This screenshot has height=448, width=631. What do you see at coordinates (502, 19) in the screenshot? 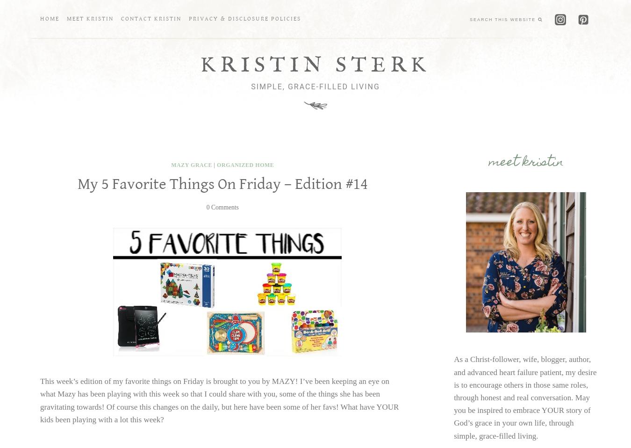
I see `'SEARCH THIS WEBSITE'` at bounding box center [502, 19].